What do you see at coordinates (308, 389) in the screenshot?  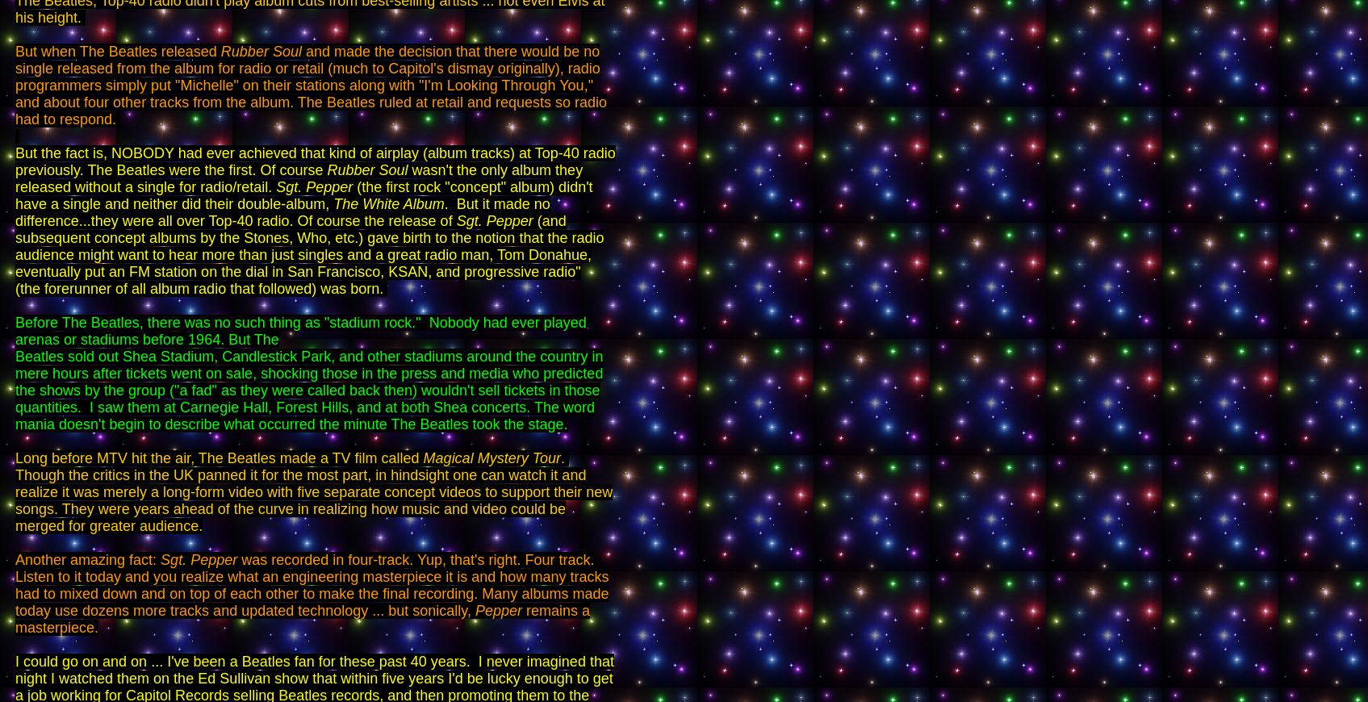 I see `'Beatles sold out Shea Stadium, Candlestick Park, and other stadiums
                           around the country in mere hours after tickets went on sale, shocking those in the press and media who predicted
                           the shows by the group ("a fad" as they were called back then) wouldn't sell tickets in those quantities.  I saw
                           them at Carnegie Hall, Forest Hills, and at both Shea concerts. The word mania doesn't begin to describe what occurred
                           the minute The Beatles took the stage.'` at bounding box center [308, 389].